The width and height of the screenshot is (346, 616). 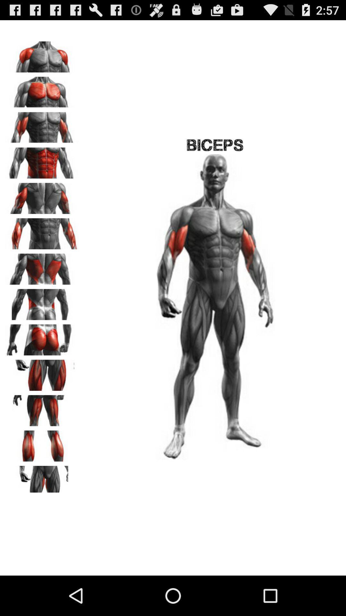 I want to click on selection, so click(x=42, y=55).